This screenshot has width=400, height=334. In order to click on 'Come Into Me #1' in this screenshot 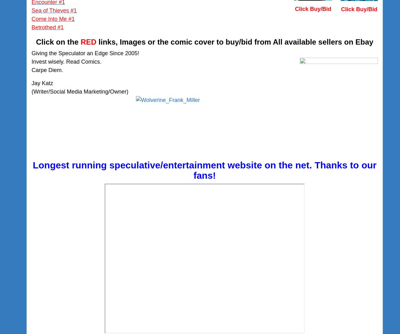, I will do `click(53, 18)`.